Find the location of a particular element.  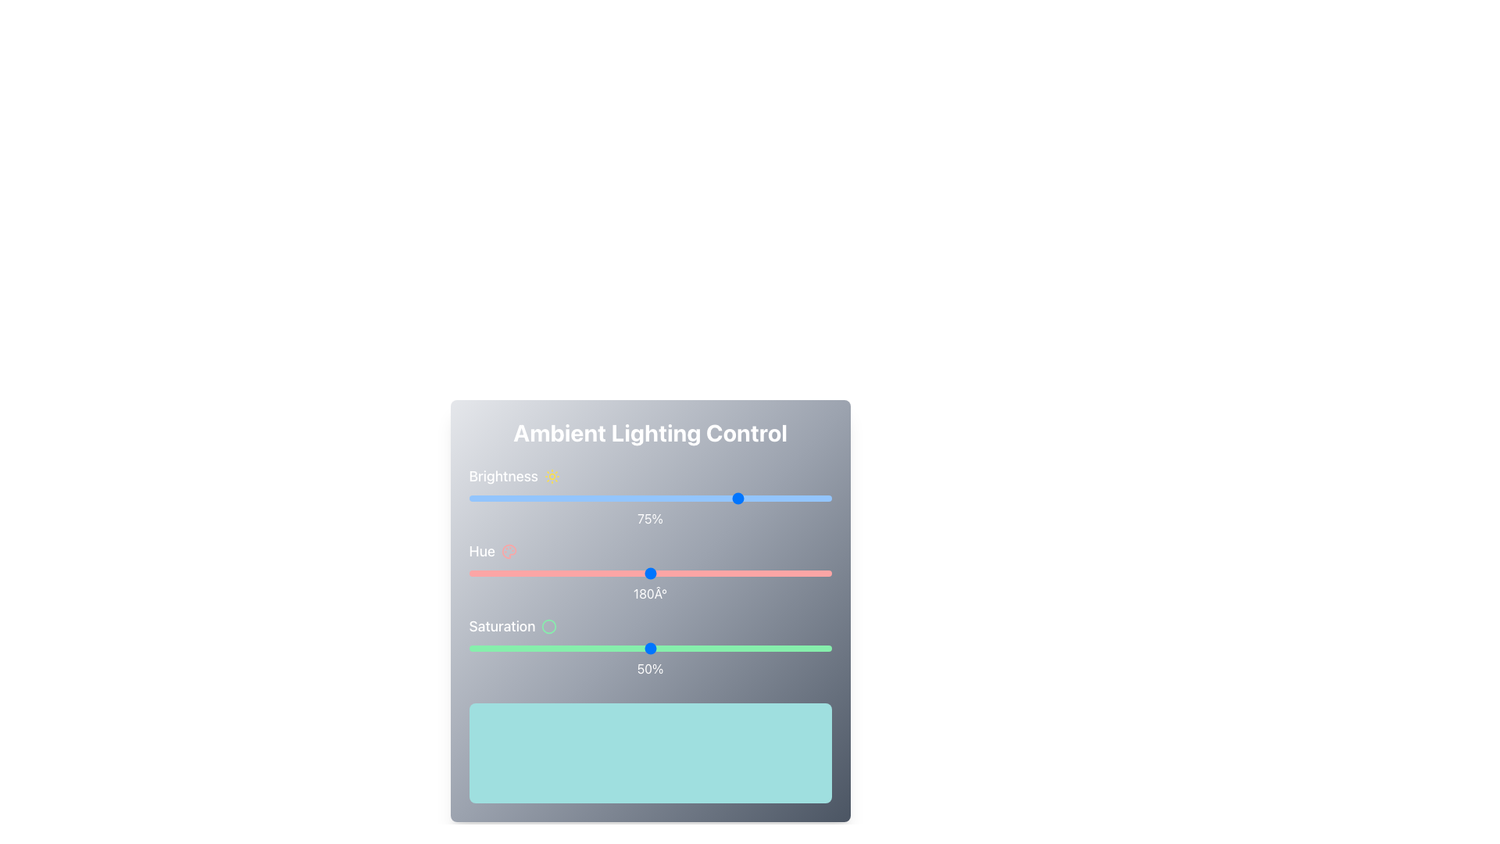

the Label displaying '180°' with a white font on a transparent background, located below the hue slider component is located at coordinates (650, 593).